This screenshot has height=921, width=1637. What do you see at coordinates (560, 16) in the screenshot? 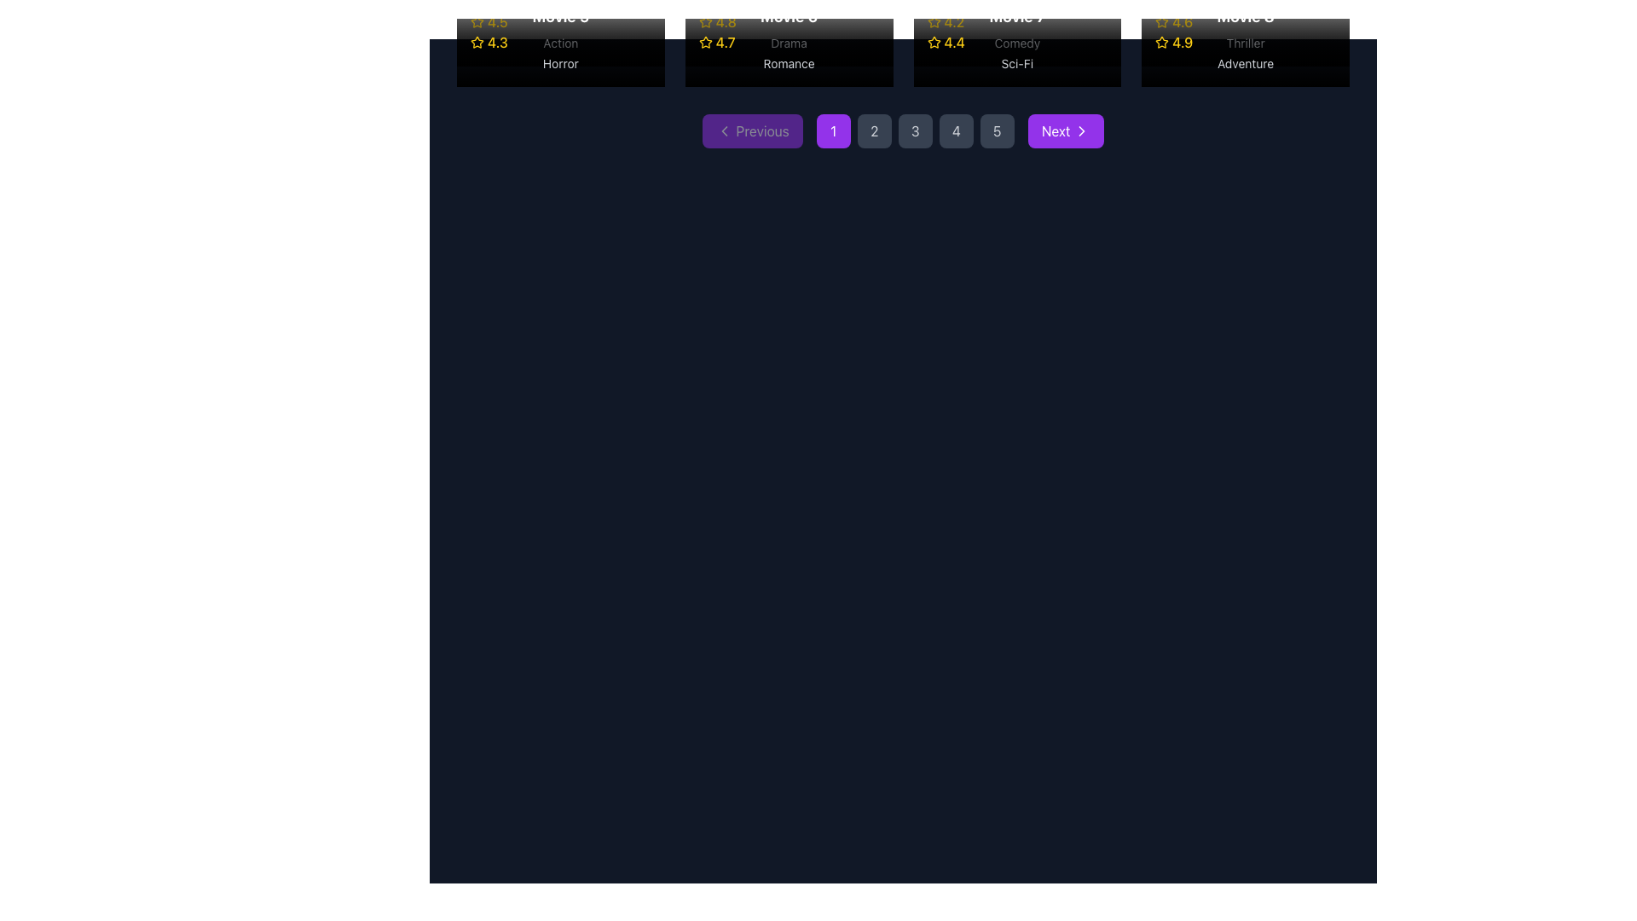
I see `the bold, white 'Movie 5' text label located at the upper-middle part of the movie card, above the rating indicator and genre labels` at bounding box center [560, 16].